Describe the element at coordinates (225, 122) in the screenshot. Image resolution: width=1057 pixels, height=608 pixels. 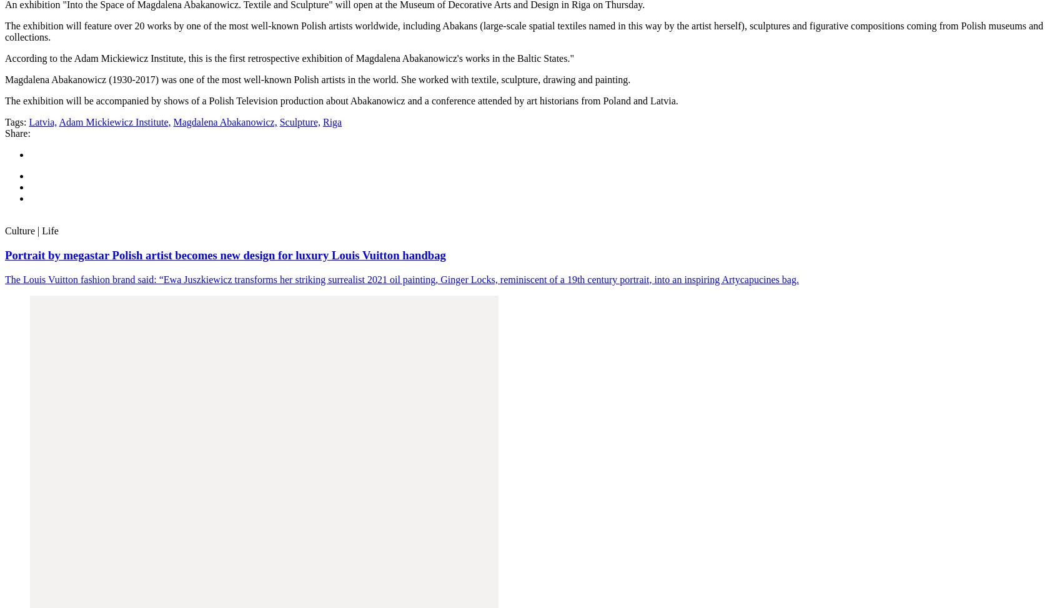
I see `'Magdalena Abakanowicz,'` at that location.